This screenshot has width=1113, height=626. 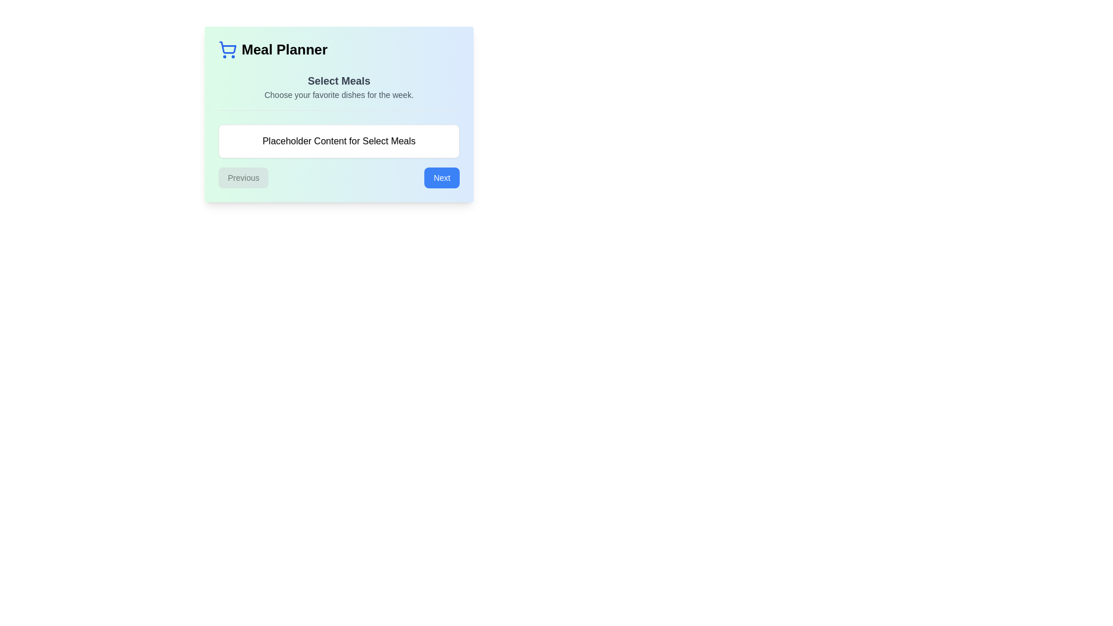 What do you see at coordinates (228, 47) in the screenshot?
I see `the shopping cart icon with a blue outline located in the top left corner of the 'Meal Planner' panel` at bounding box center [228, 47].